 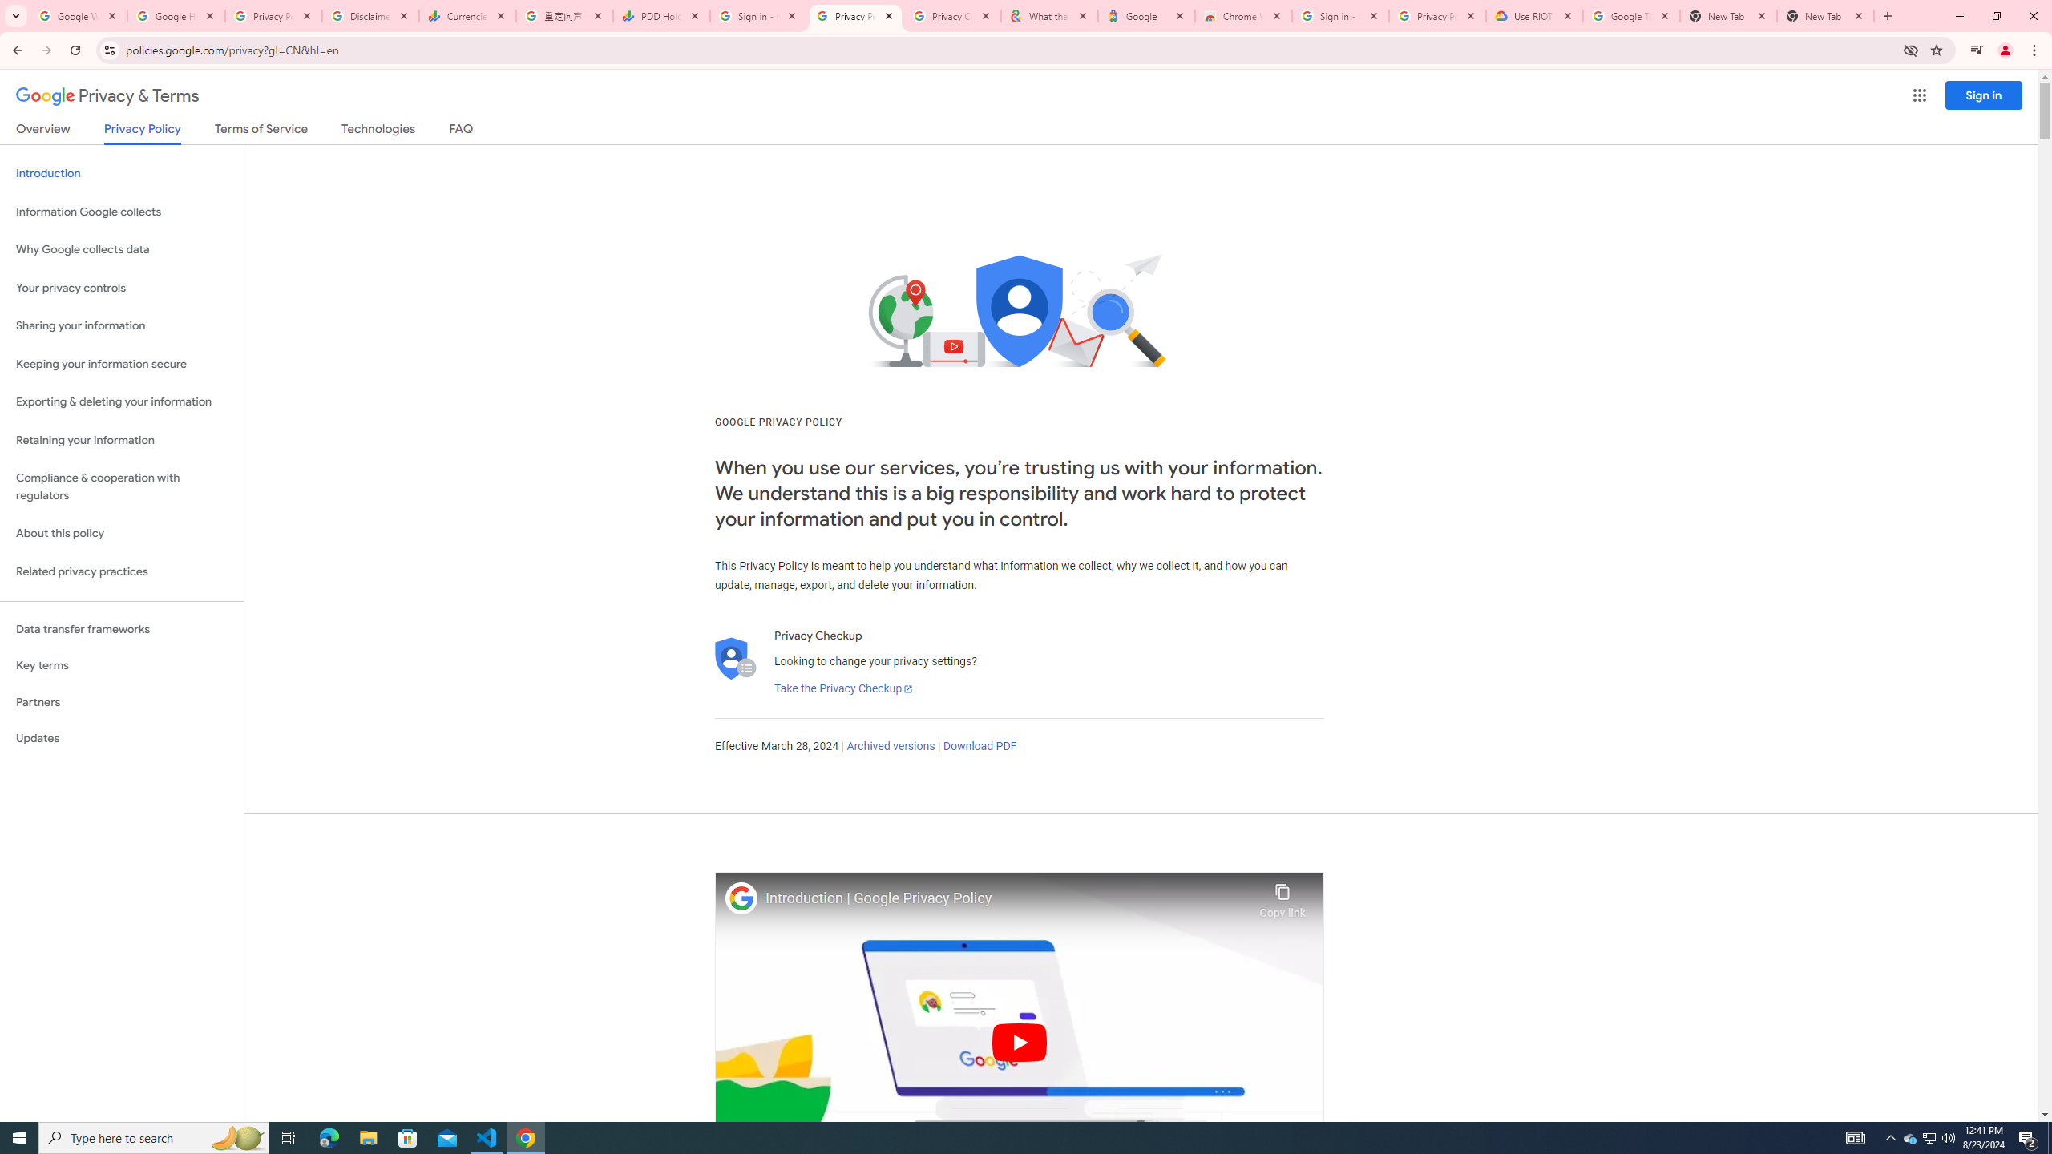 What do you see at coordinates (1824, 15) in the screenshot?
I see `'New Tab'` at bounding box center [1824, 15].